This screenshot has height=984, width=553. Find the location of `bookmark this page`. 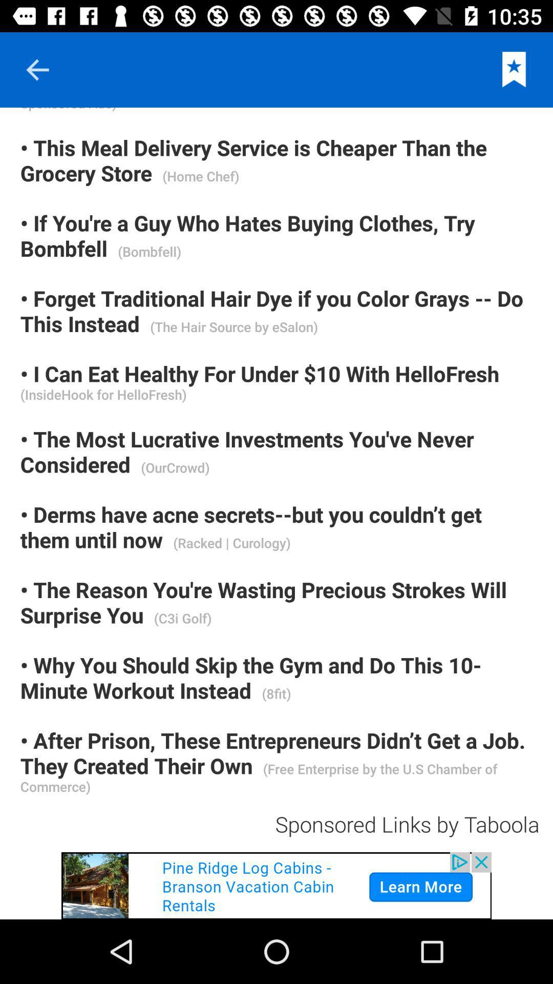

bookmark this page is located at coordinates (514, 69).